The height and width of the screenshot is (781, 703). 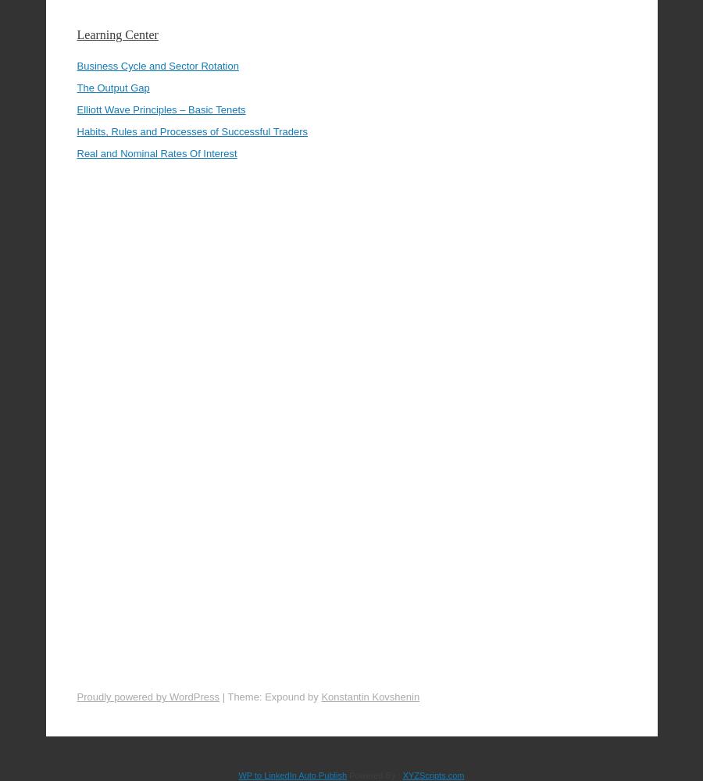 I want to click on 'Konstantin Kovshenin', so click(x=369, y=653).